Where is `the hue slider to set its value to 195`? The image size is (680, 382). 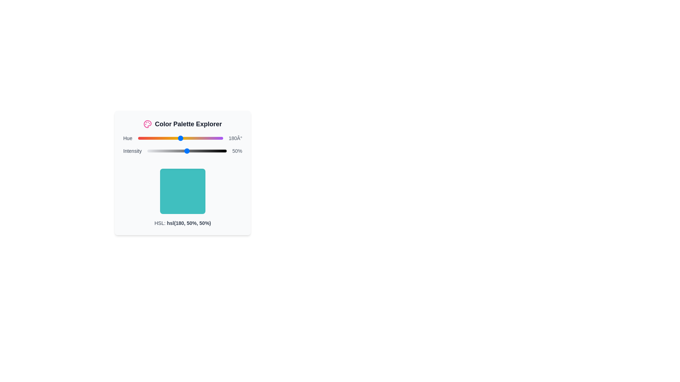 the hue slider to set its value to 195 is located at coordinates (184, 138).